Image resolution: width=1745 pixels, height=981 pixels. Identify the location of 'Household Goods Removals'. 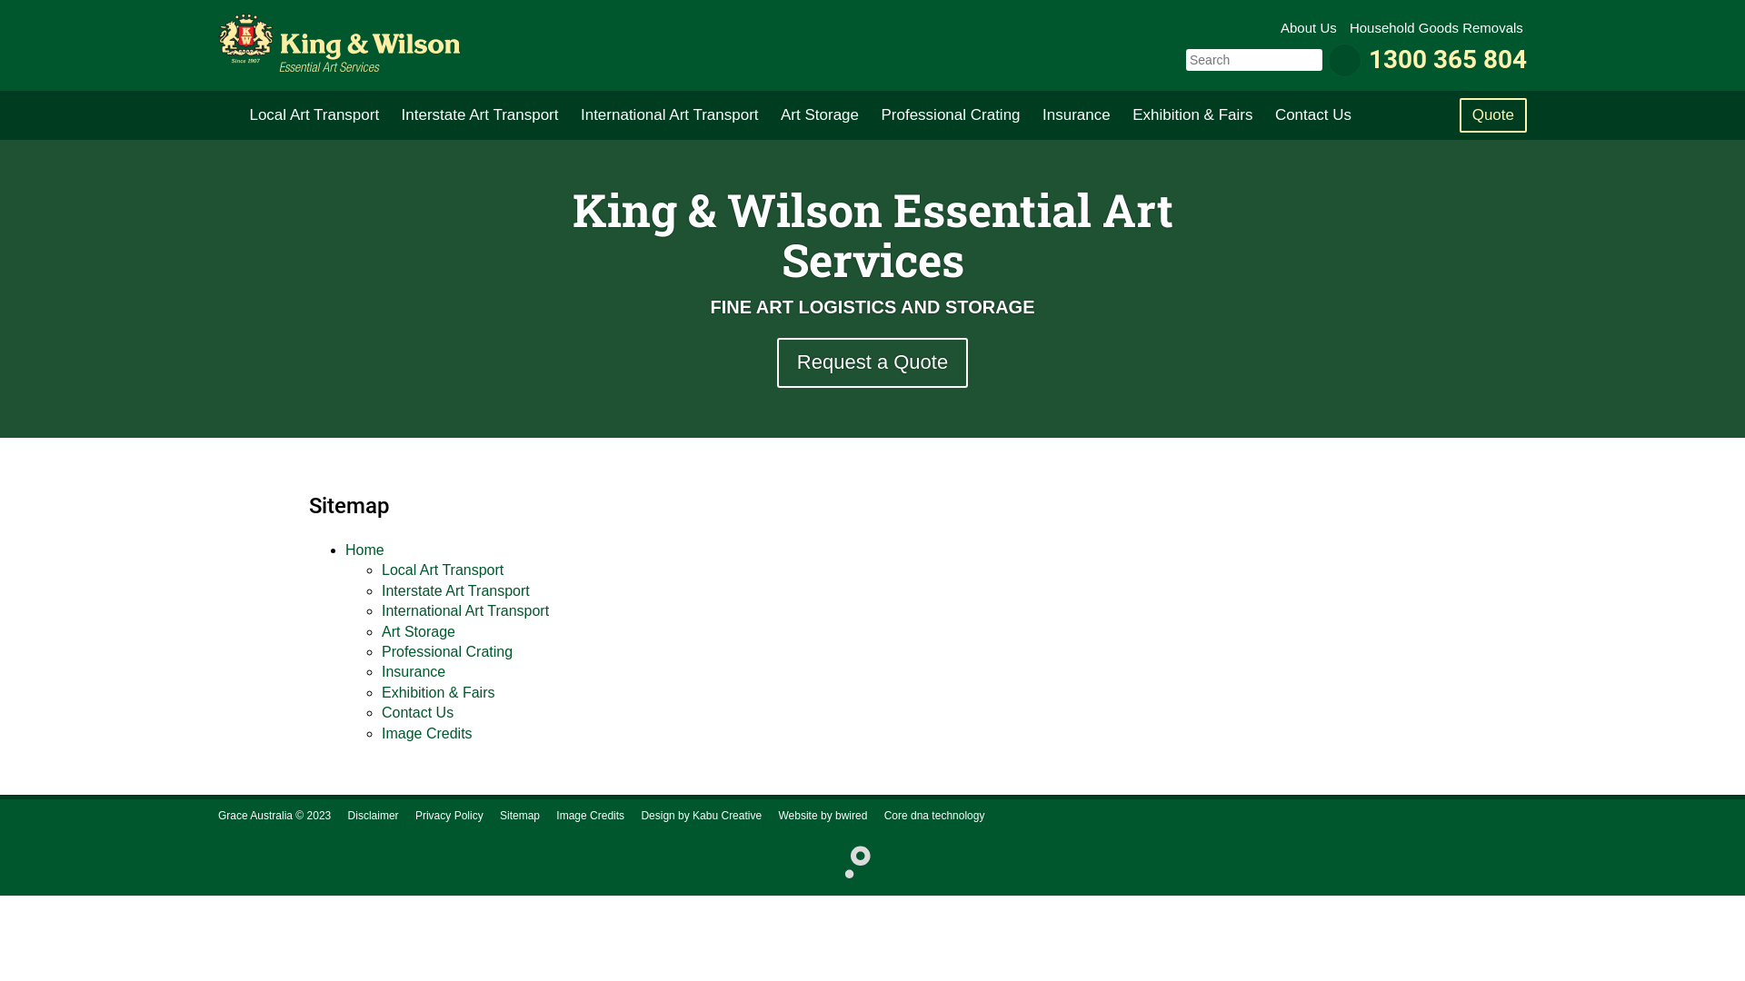
(1349, 27).